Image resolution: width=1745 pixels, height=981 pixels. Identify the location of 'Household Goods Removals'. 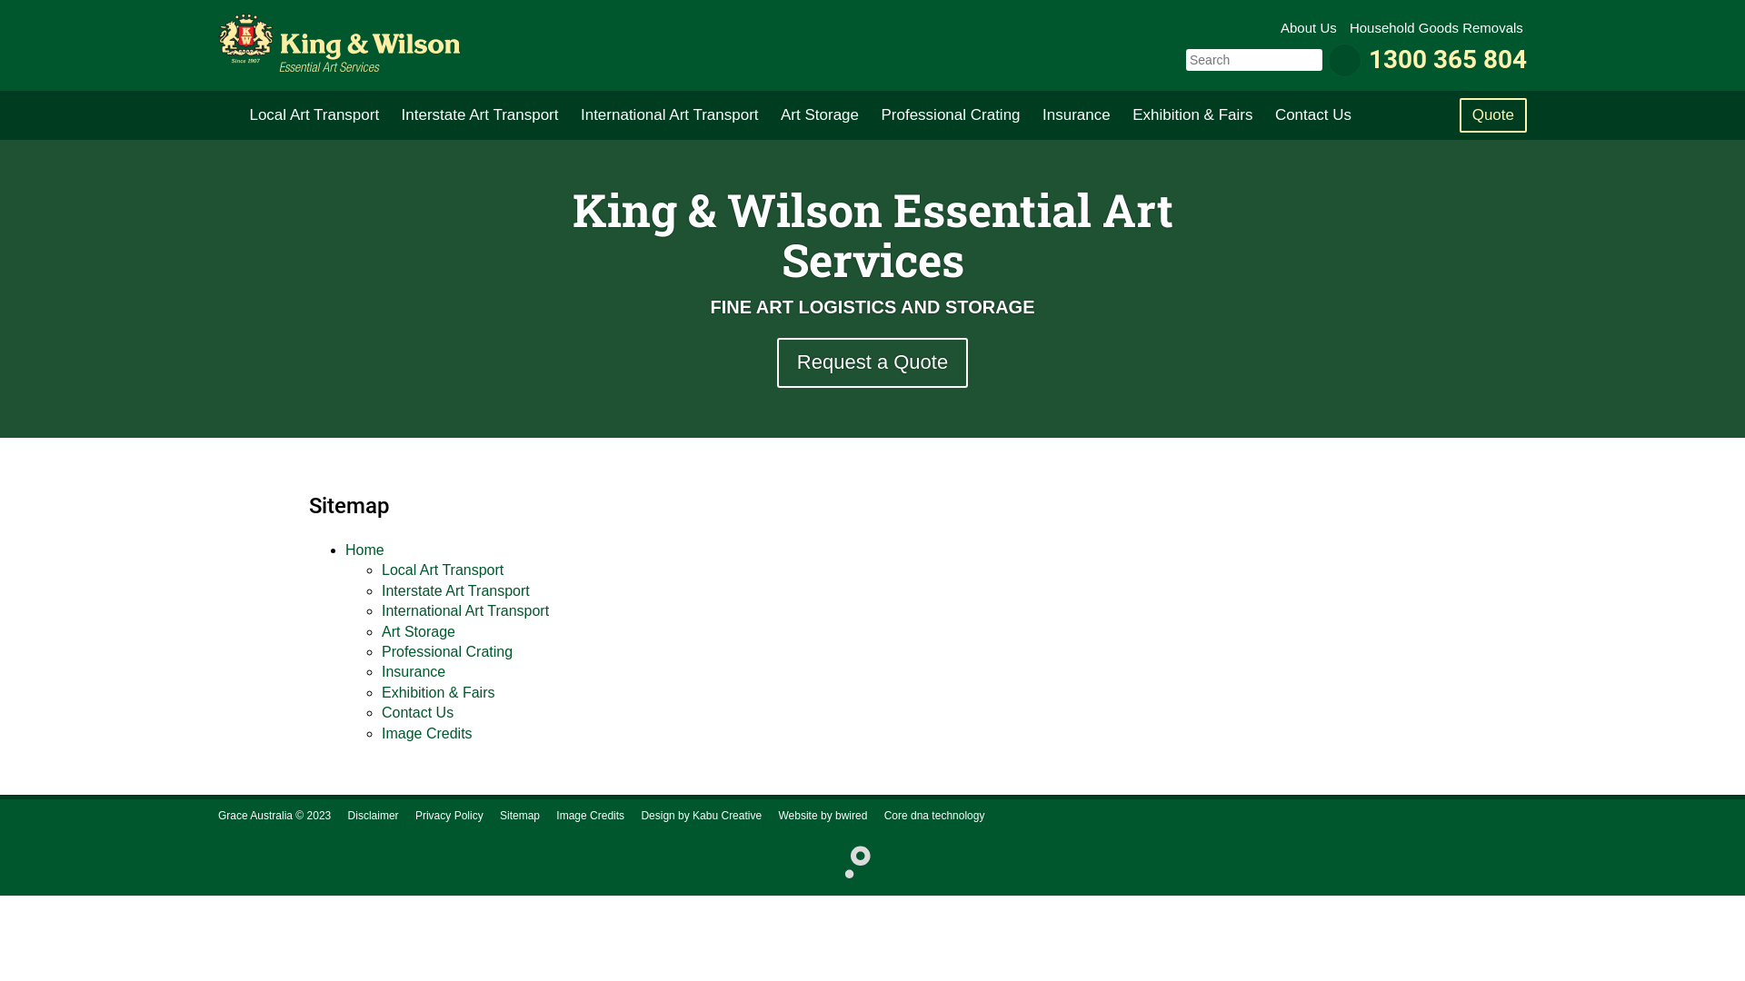
(1349, 27).